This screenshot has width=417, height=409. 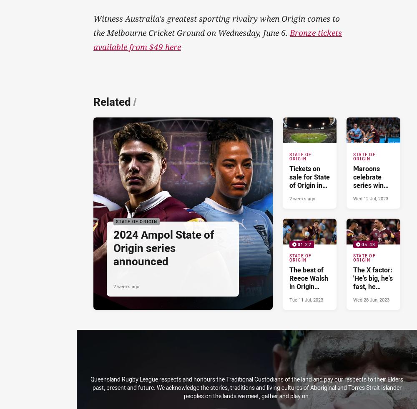 I want to click on 'Maroons celebrate series win after Game III defeat', so click(x=352, y=185).